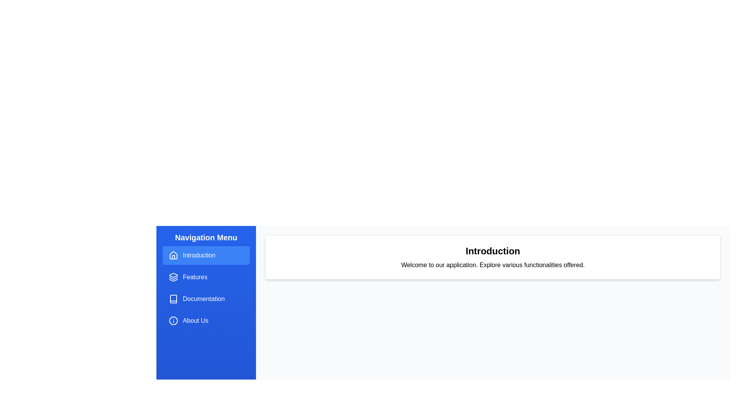  I want to click on the SVG graphic circle icon representing the 'About Us' section in the vertical navigation menu located on the left side of the interface, so click(173, 321).